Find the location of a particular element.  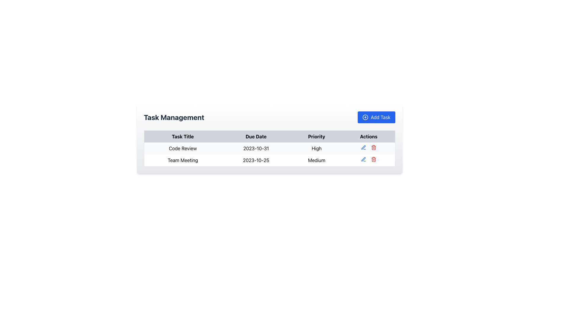

the text label displaying '2023-10-25' located in the 'Due Date' column of the 'Task Management' table, which is the second row and second column is located at coordinates (256, 160).